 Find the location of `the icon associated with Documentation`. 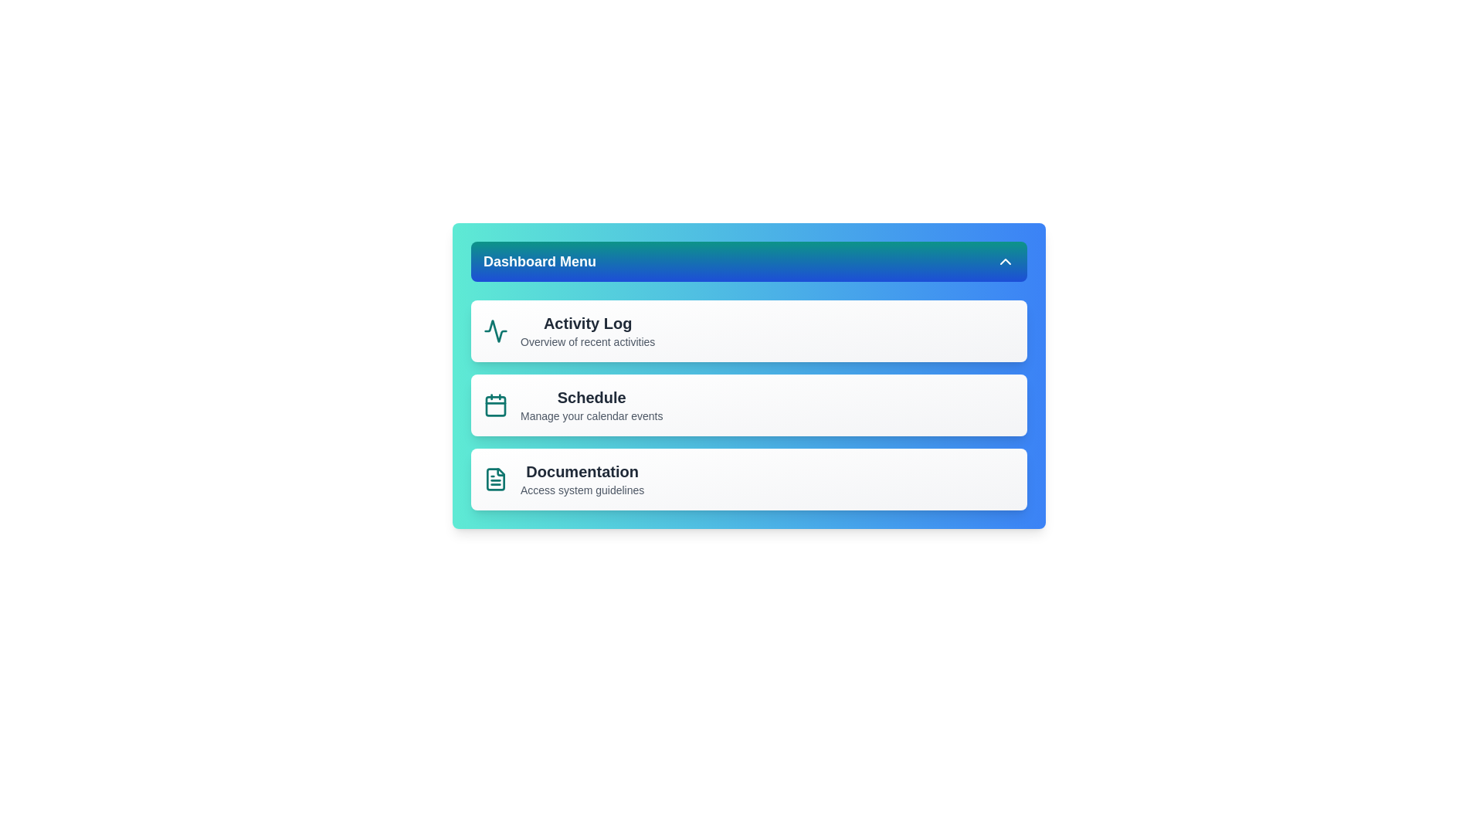

the icon associated with Documentation is located at coordinates (496, 479).